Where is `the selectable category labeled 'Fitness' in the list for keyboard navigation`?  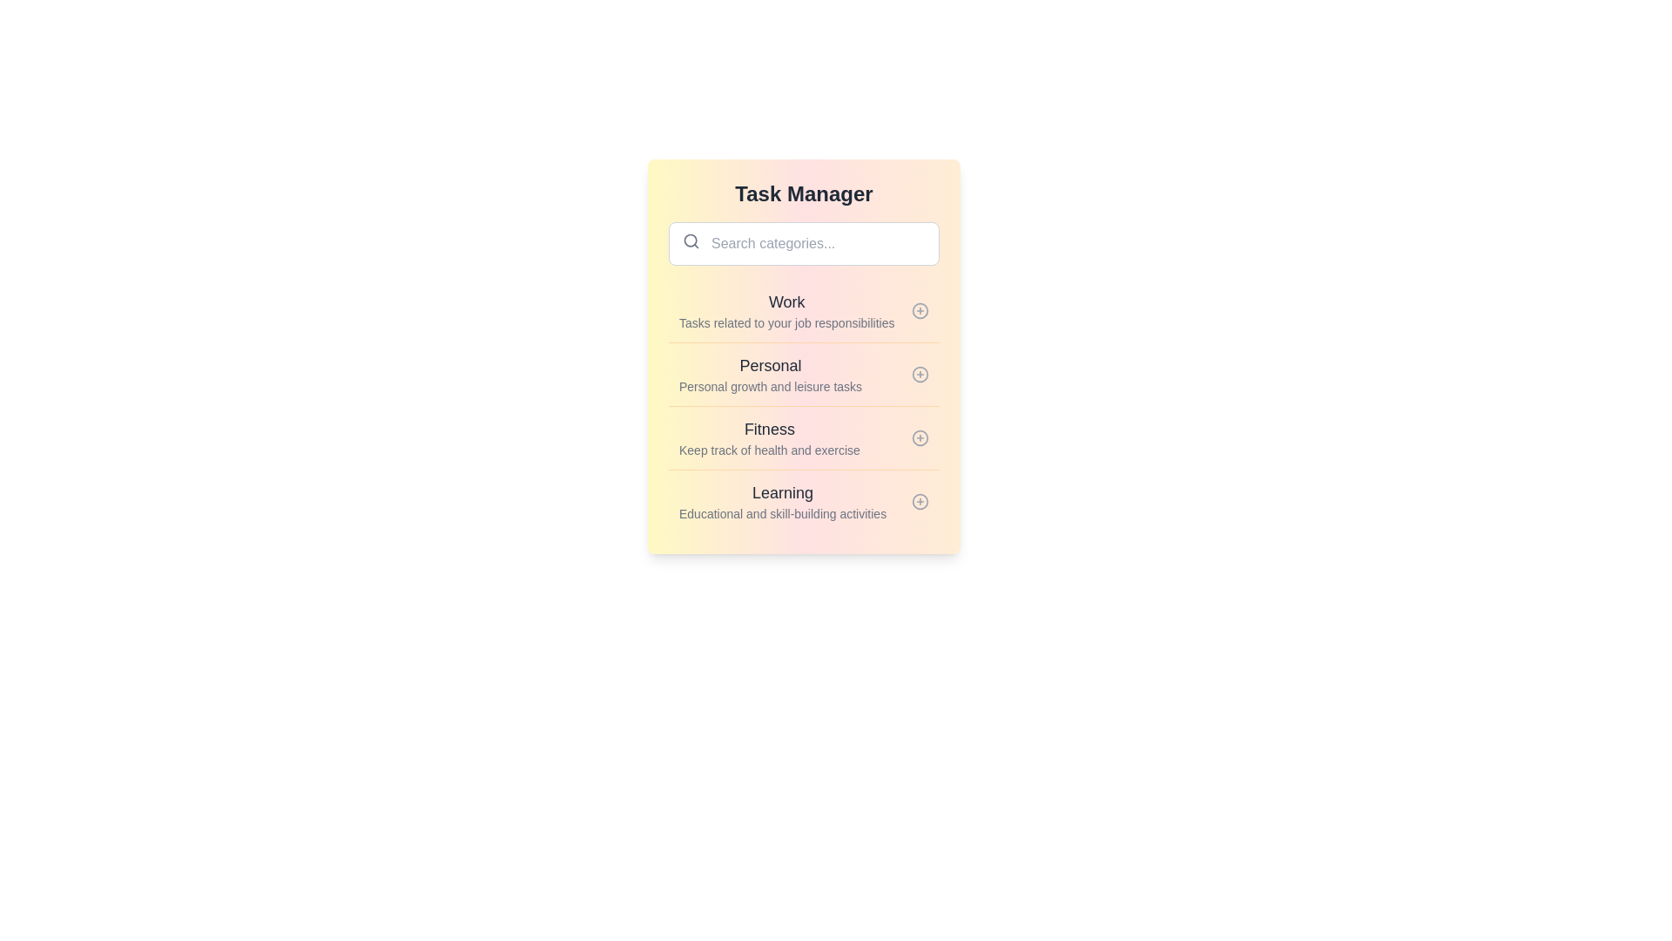
the selectable category labeled 'Fitness' in the list for keyboard navigation is located at coordinates (803, 437).